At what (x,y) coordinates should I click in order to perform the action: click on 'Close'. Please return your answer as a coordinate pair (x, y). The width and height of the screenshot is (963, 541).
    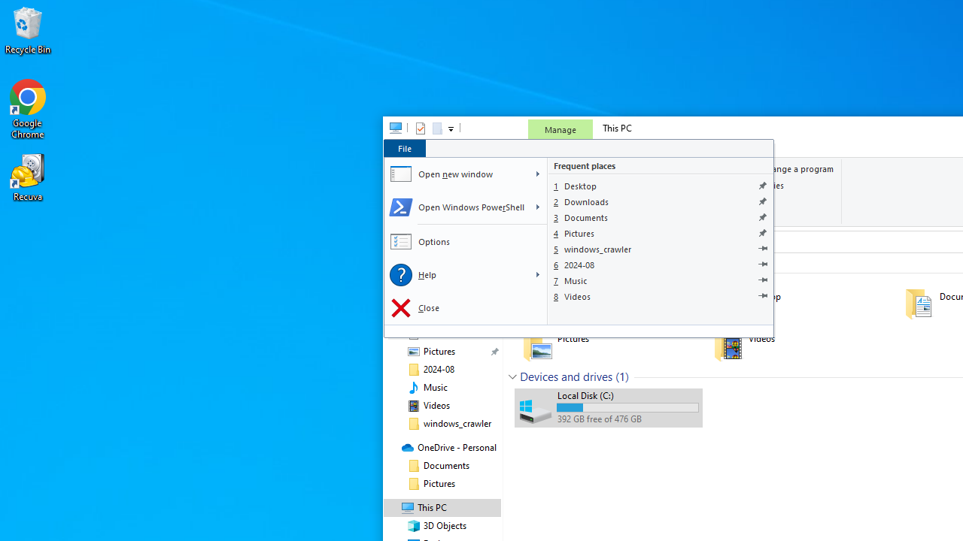
    Looking at the image, I should click on (464, 307).